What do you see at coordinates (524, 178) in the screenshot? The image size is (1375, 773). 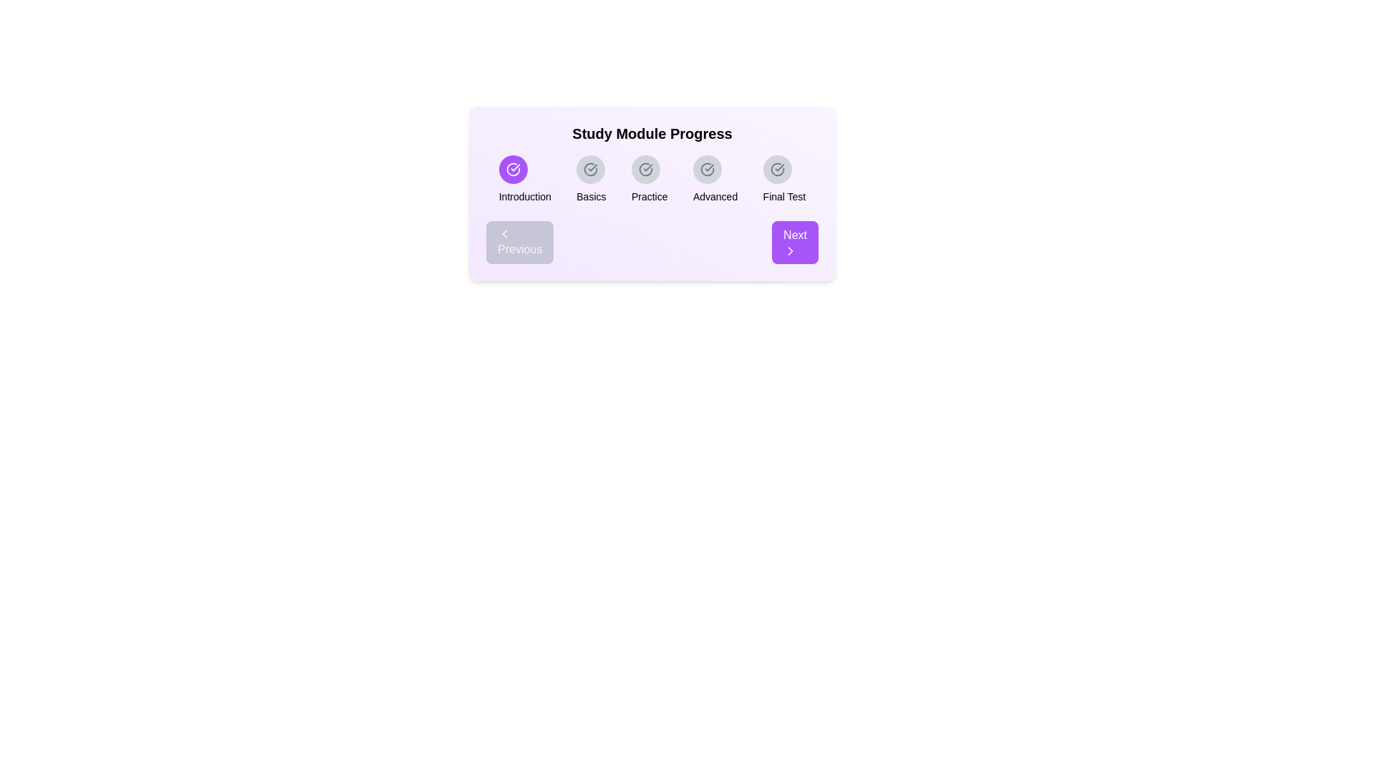 I see `text label of the 'Introduction' module indicator, which is the first element in a horizontal sequence of study progress sections` at bounding box center [524, 178].